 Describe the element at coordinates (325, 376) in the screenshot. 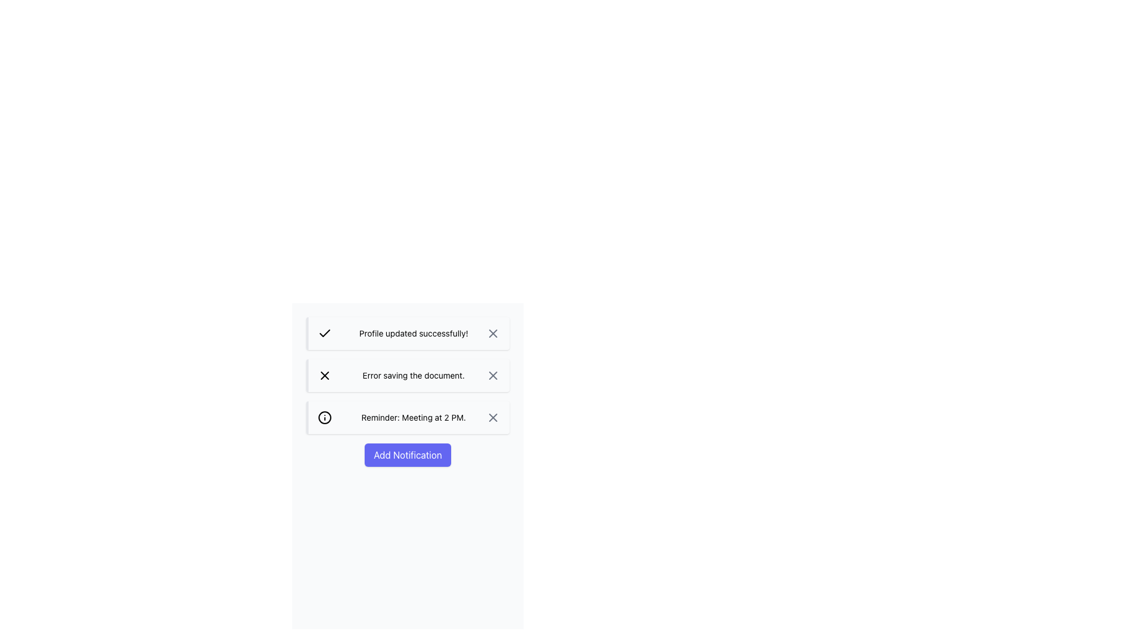

I see `the close button located in the upper-right corner of the notification card that contains the text 'Error saving the document.'` at that location.